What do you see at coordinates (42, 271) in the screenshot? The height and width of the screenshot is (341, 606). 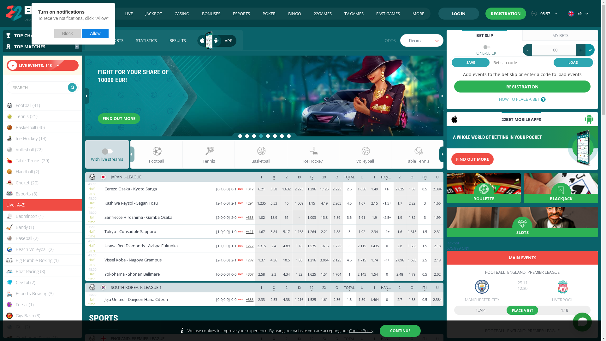 I see `'Boat Racing` at bounding box center [42, 271].